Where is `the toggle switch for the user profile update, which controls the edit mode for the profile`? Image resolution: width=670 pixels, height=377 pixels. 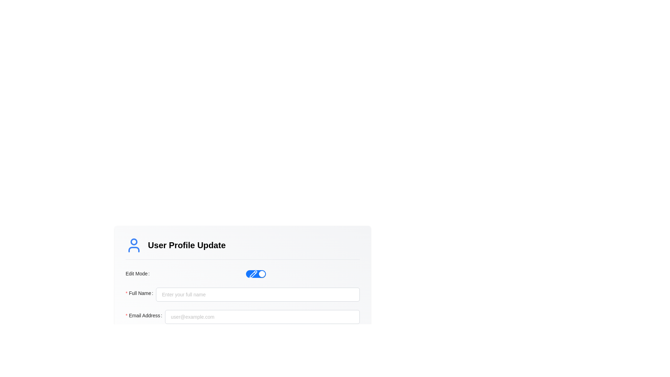 the toggle switch for the user profile update, which controls the edit mode for the profile is located at coordinates (256, 273).